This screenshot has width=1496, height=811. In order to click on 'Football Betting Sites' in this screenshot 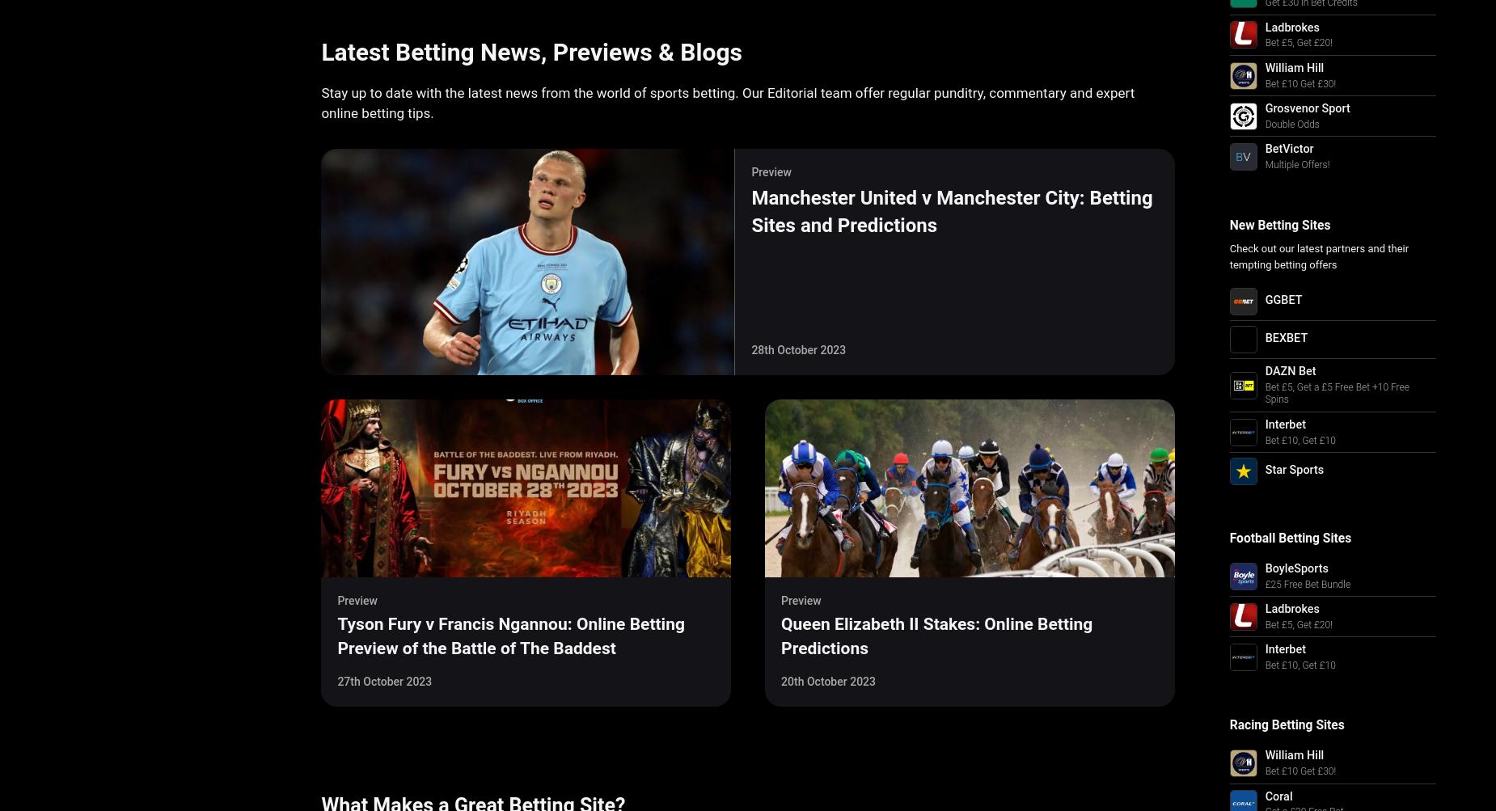, I will do `click(1290, 538)`.